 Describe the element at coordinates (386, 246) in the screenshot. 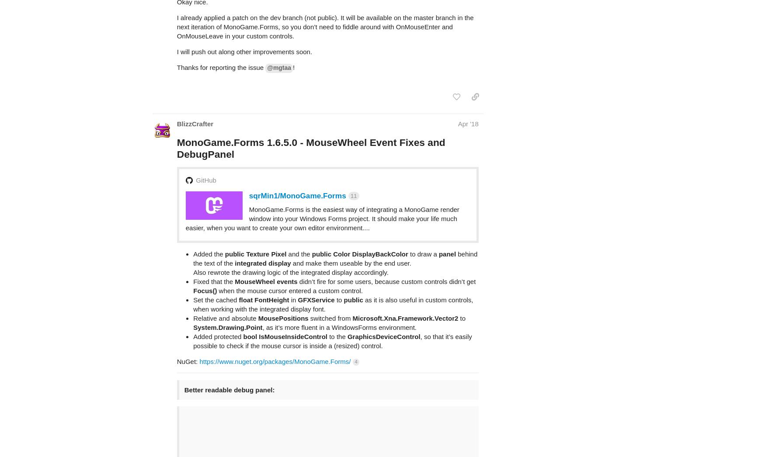

I see `'didn’t fire for some users, because custom controls didn’t get'` at that location.